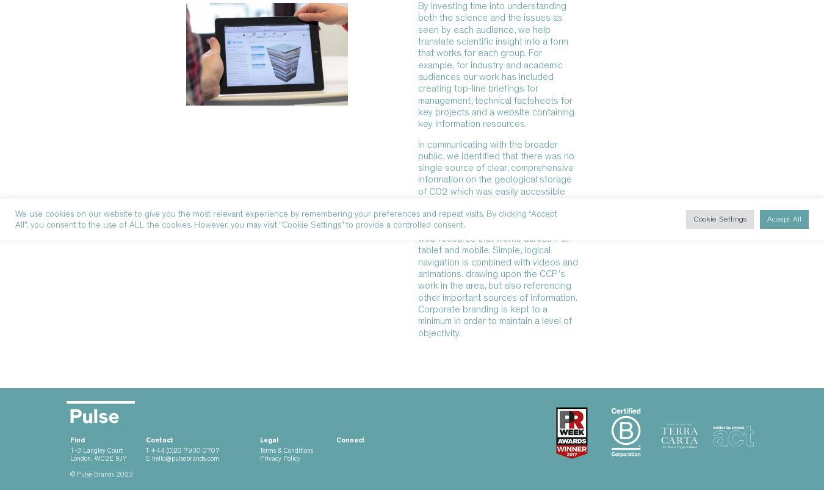 This screenshot has height=490, width=824. I want to click on 'www.ccsbrowser.com', so click(461, 226).